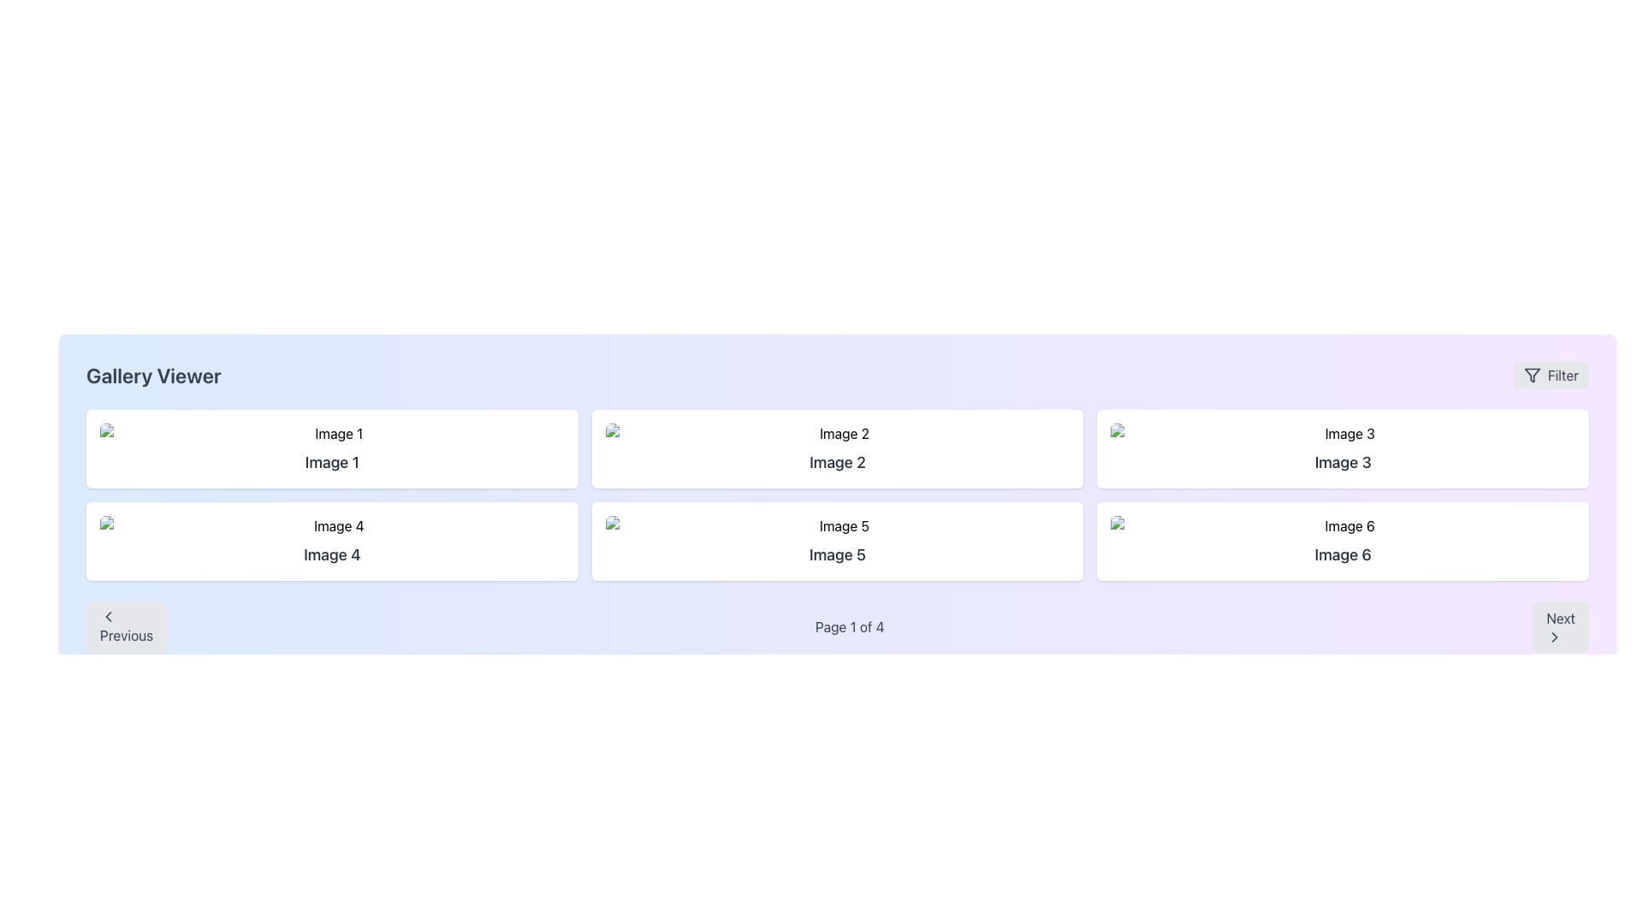 Image resolution: width=1643 pixels, height=924 pixels. Describe the element at coordinates (850, 626) in the screenshot. I see `the informational text label that indicates the user's current position in a paginated series, located centrally between the 'Previous' and 'Next' buttons` at that location.